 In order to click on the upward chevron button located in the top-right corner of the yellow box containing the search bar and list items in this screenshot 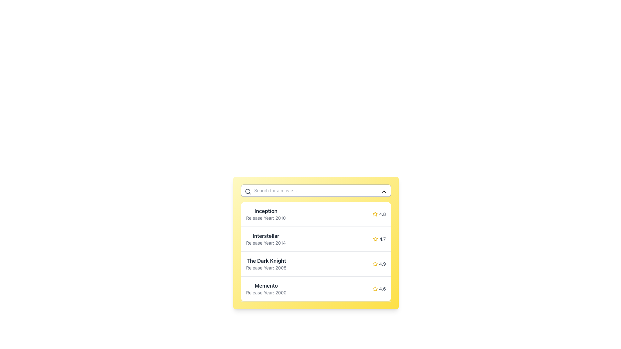, I will do `click(384, 191)`.